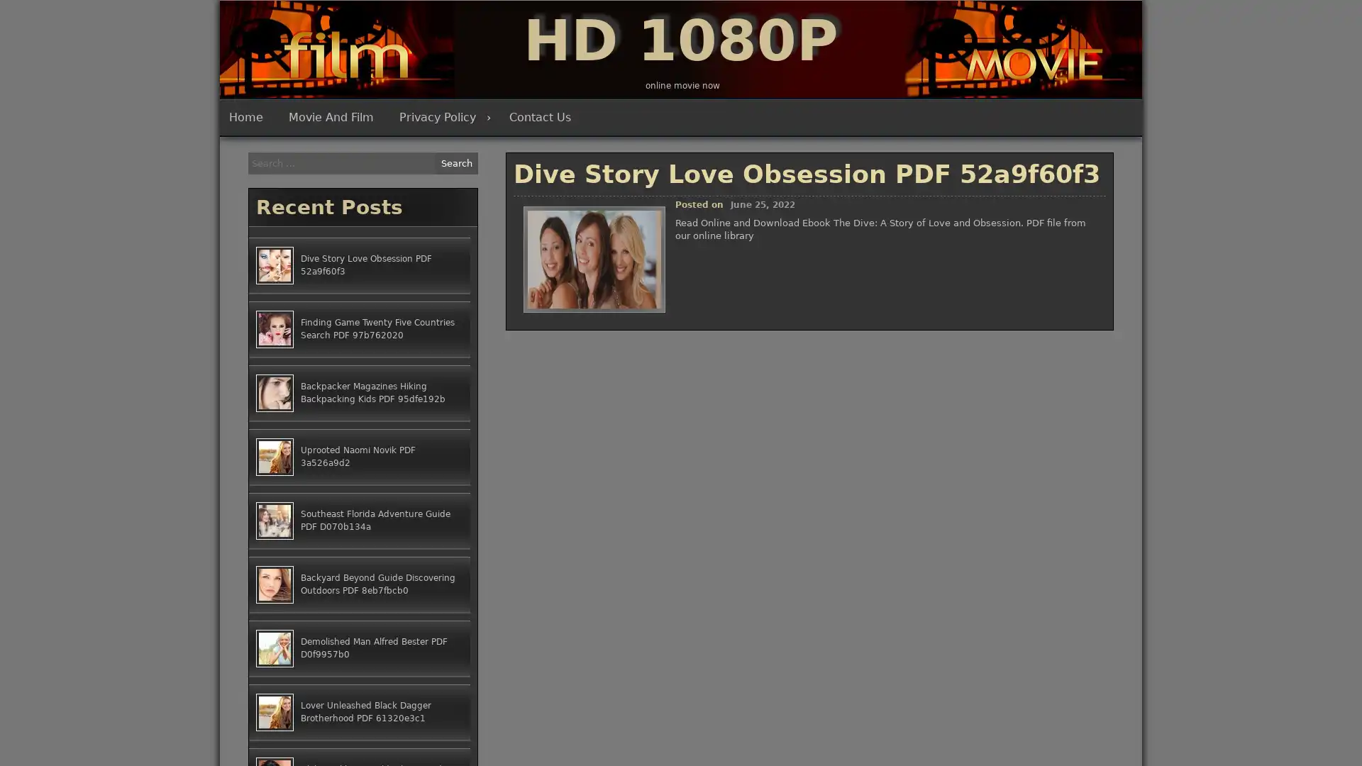 The image size is (1362, 766). I want to click on Search, so click(456, 162).